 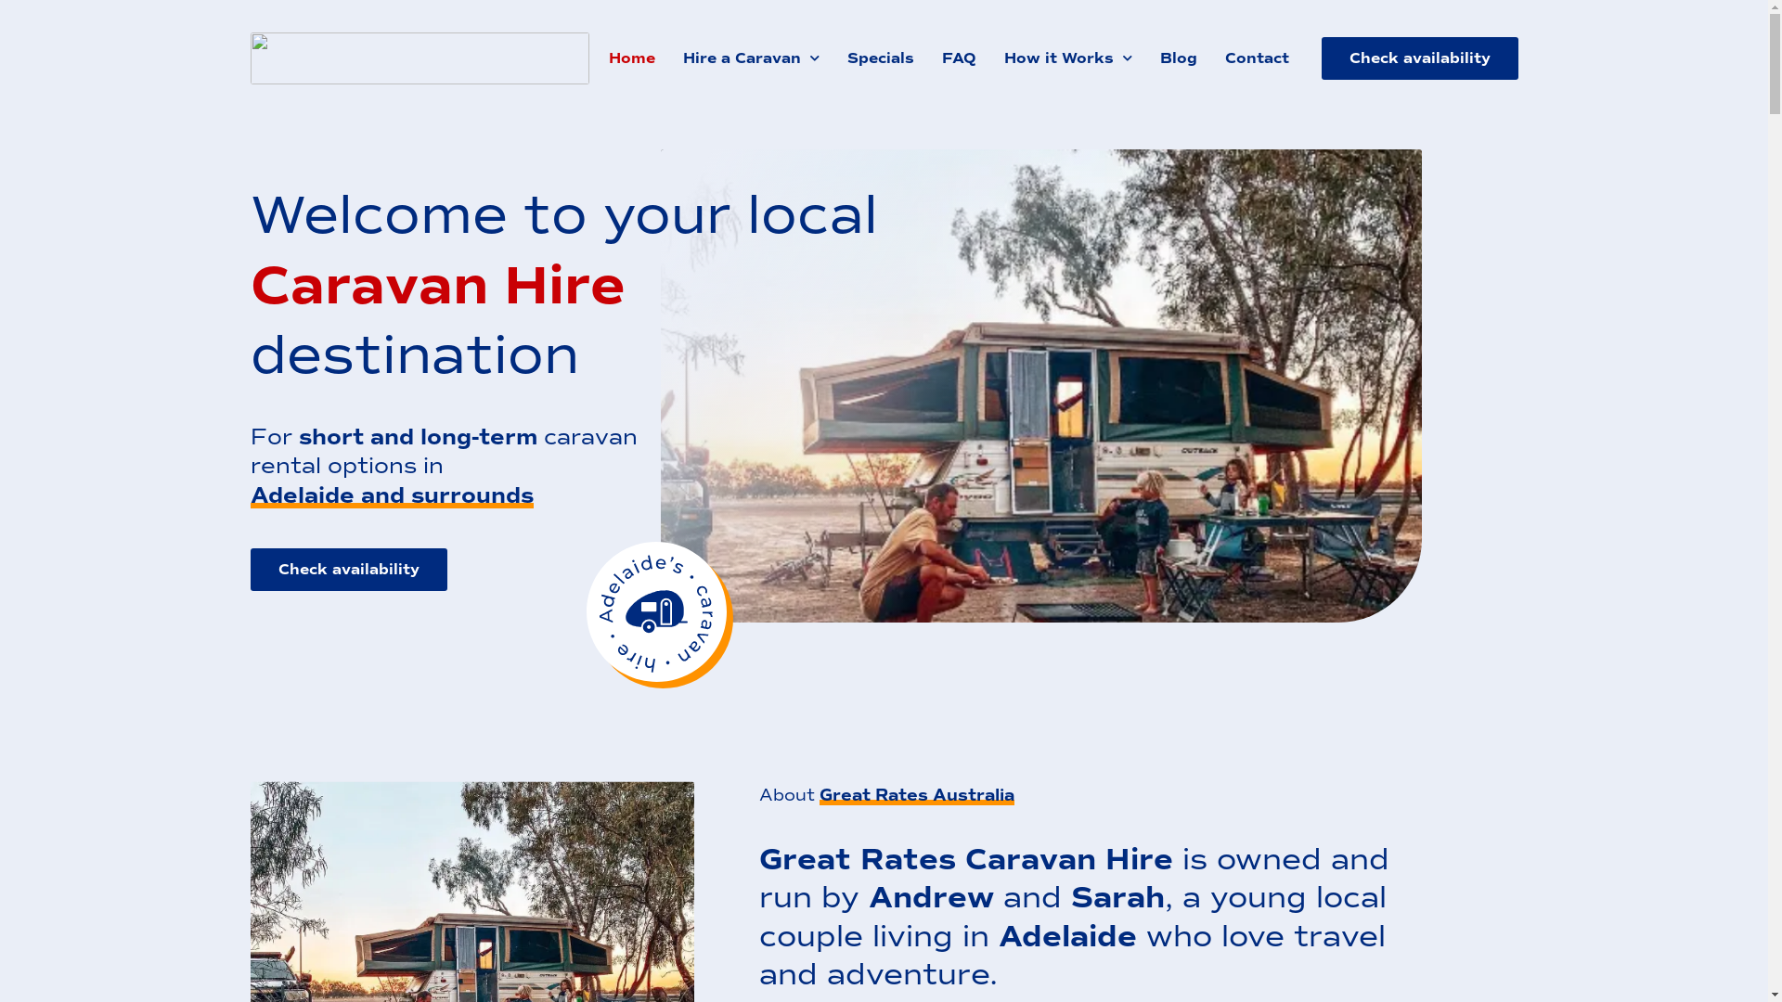 I want to click on 'Blog', so click(x=1176, y=57).